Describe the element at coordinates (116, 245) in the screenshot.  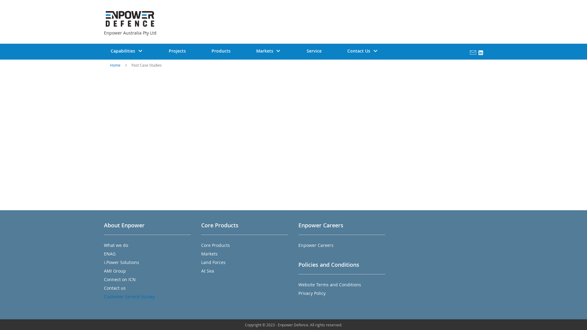
I see `'What we do'` at that location.